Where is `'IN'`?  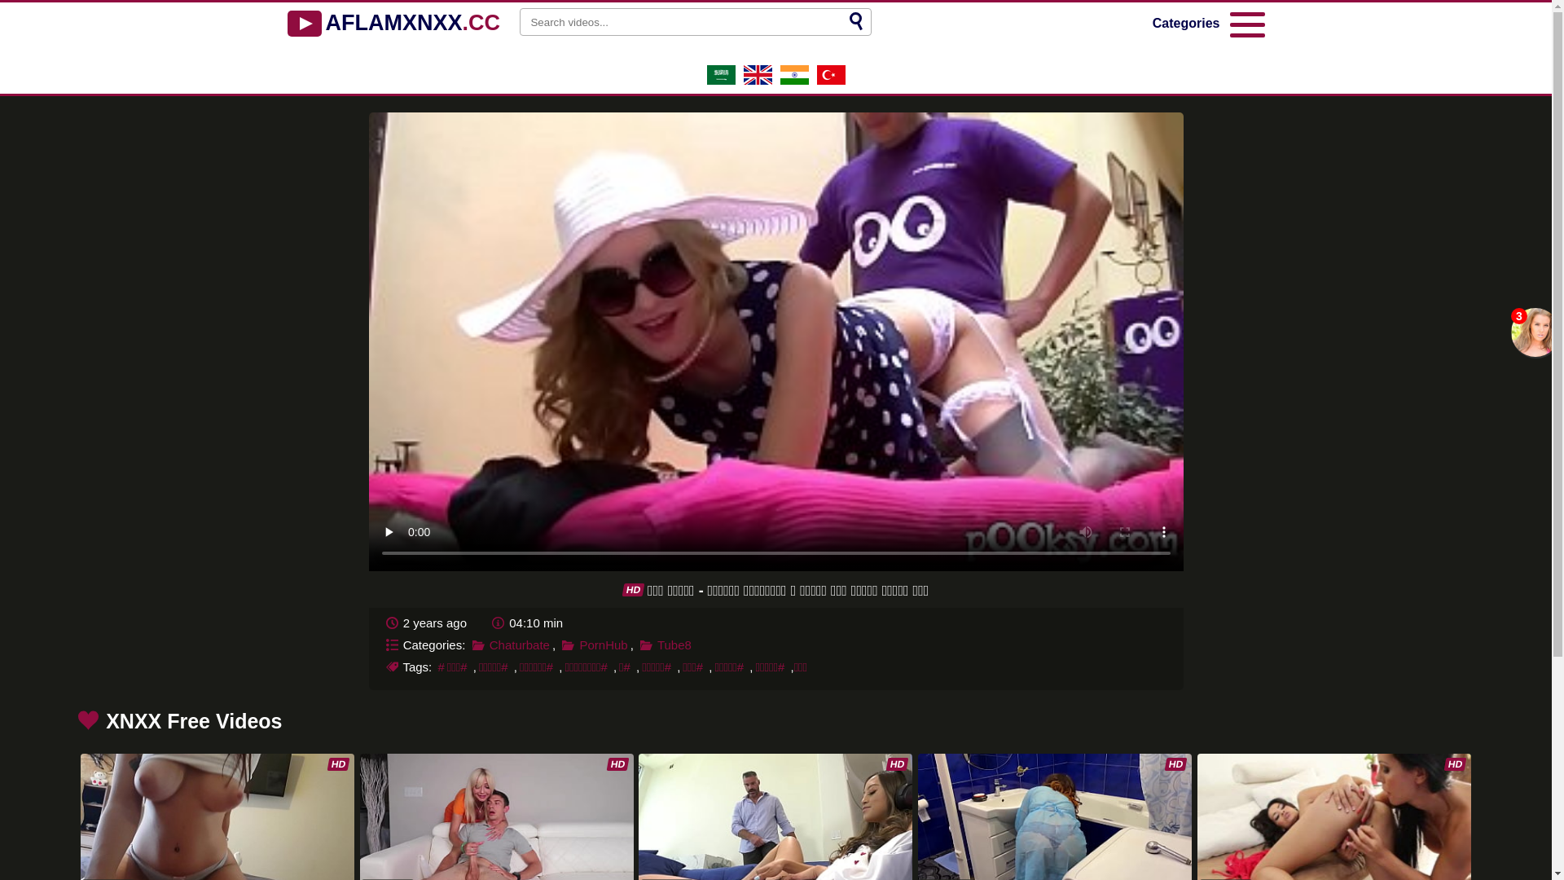 'IN' is located at coordinates (794, 80).